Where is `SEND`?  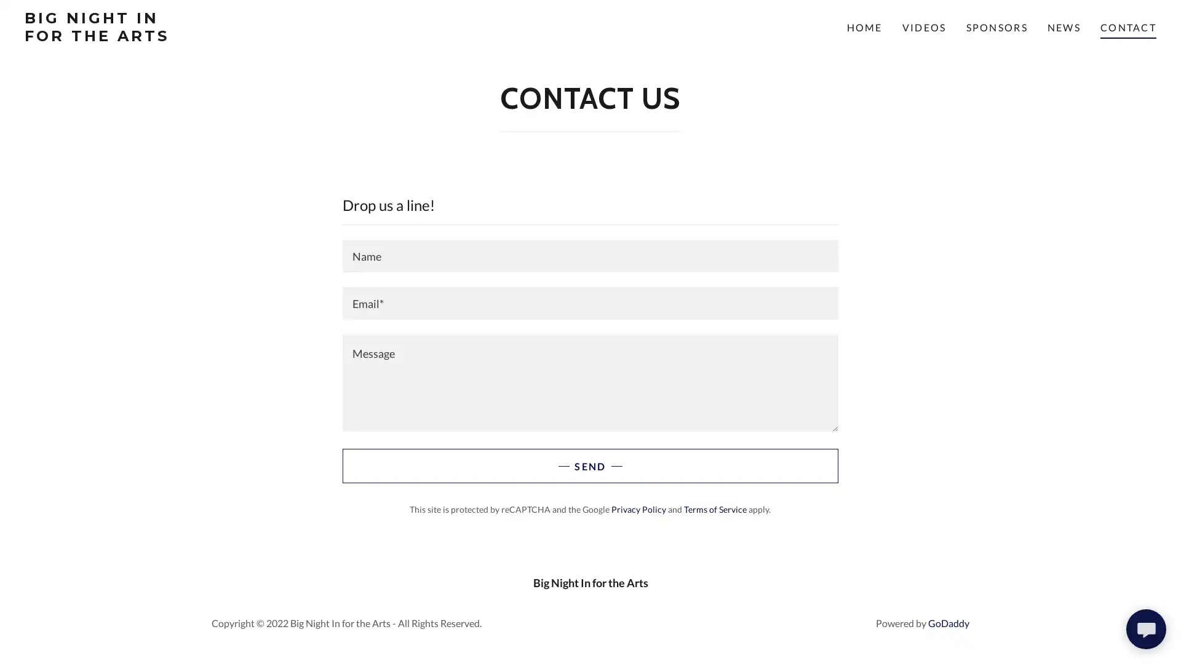
SEND is located at coordinates (589, 466).